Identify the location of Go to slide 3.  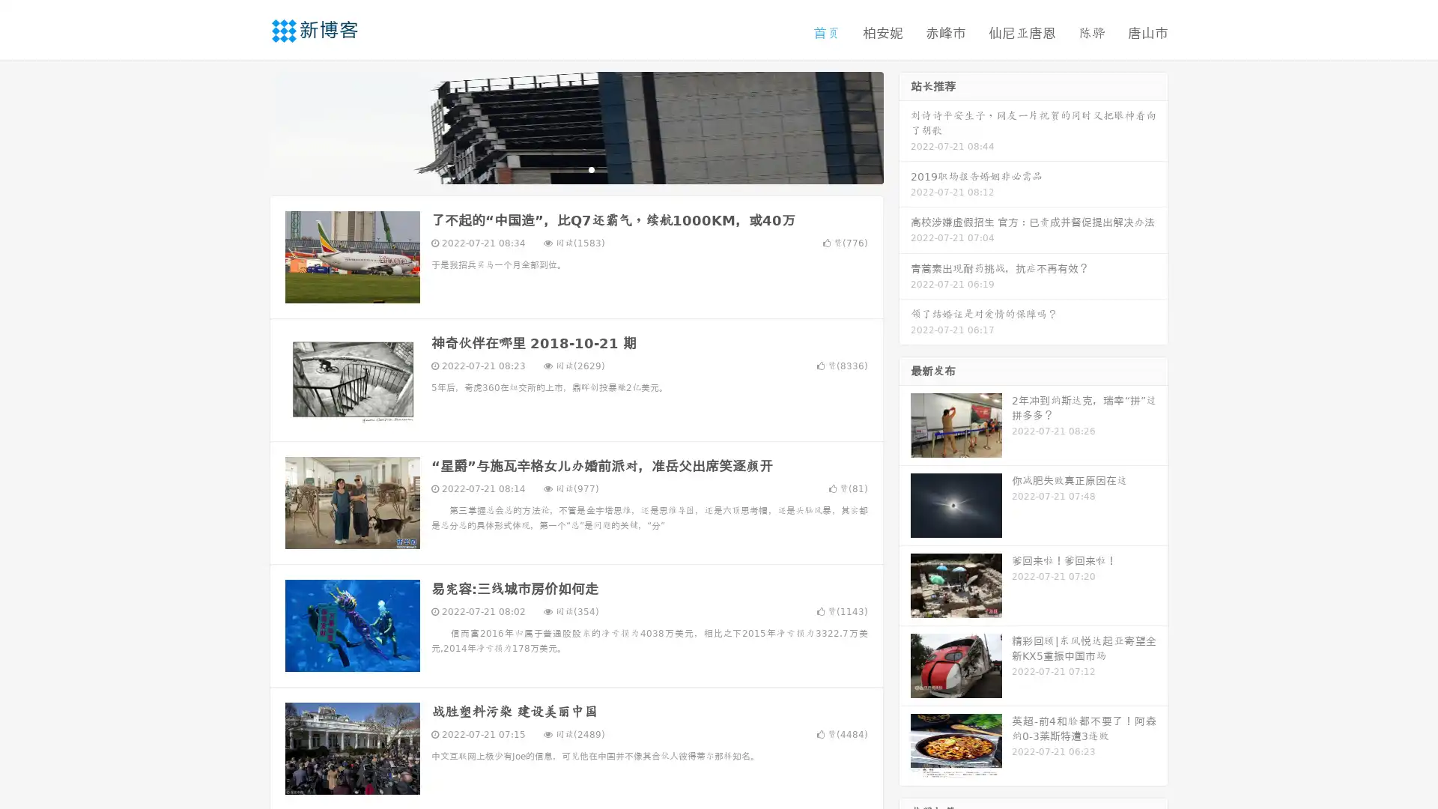
(591, 169).